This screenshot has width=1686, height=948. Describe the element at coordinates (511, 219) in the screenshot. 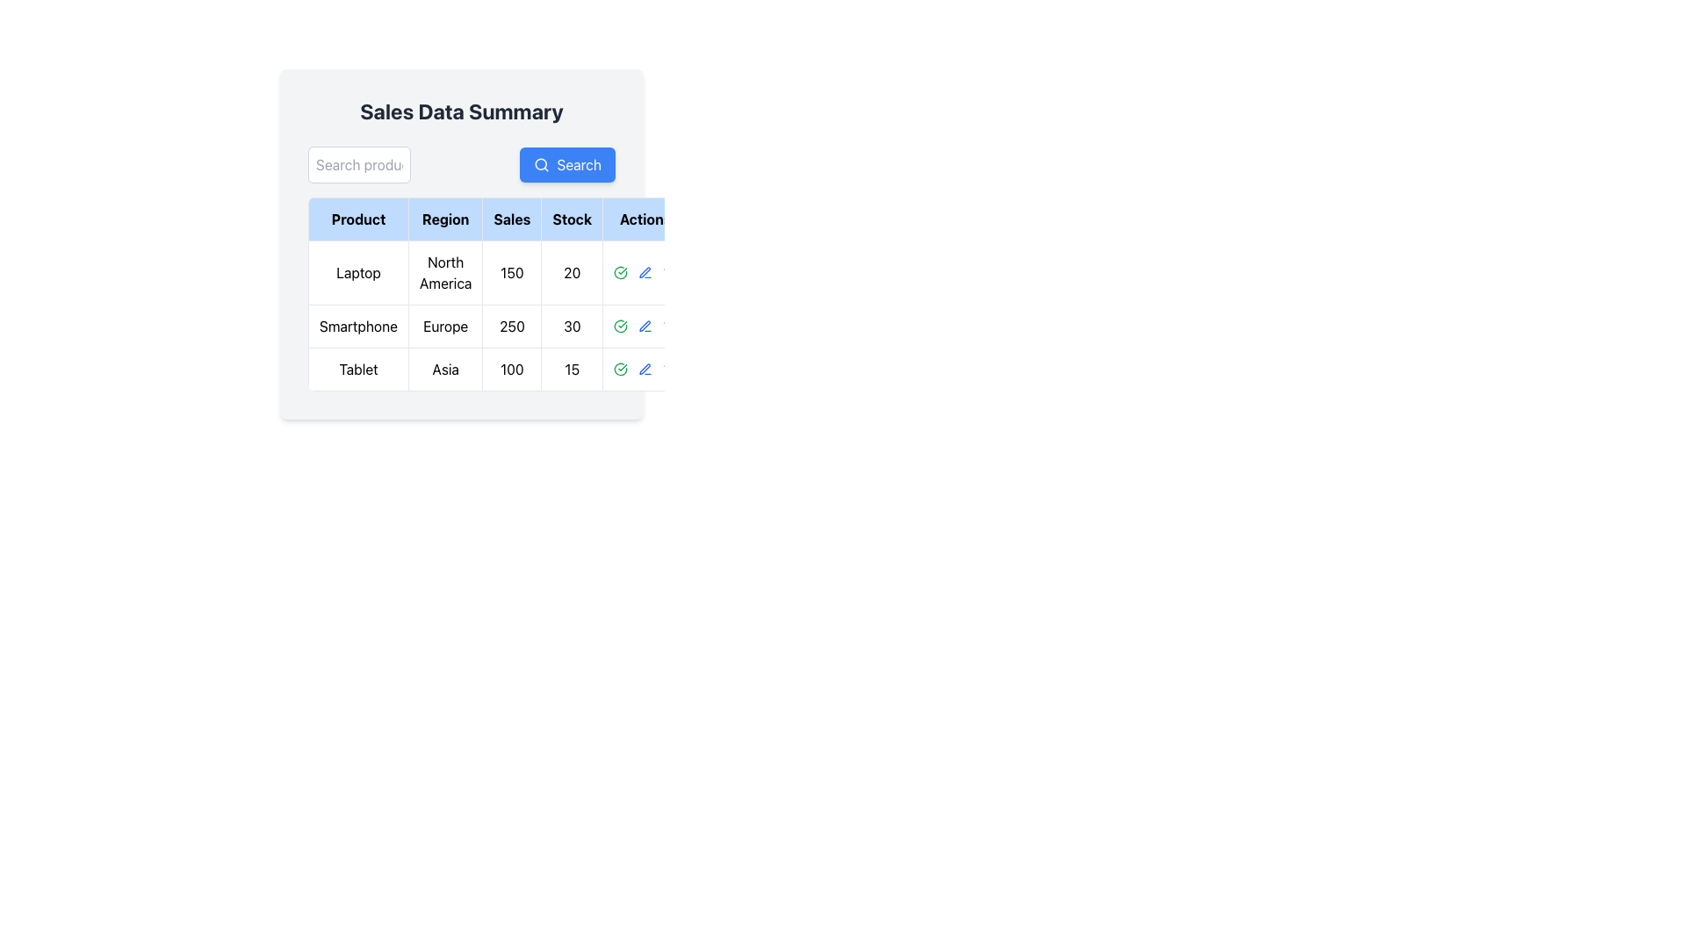

I see `the 'Sales' column header in the table, which is the third column header labeled 'Sales'` at that location.